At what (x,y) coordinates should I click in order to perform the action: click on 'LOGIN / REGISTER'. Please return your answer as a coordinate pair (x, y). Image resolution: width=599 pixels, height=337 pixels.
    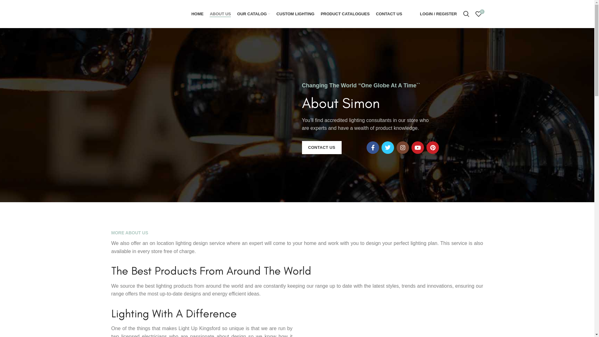
    Looking at the image, I should click on (438, 13).